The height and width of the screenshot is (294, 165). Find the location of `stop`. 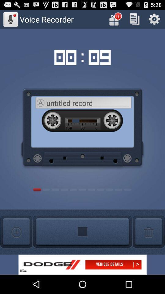

stop is located at coordinates (82, 232).